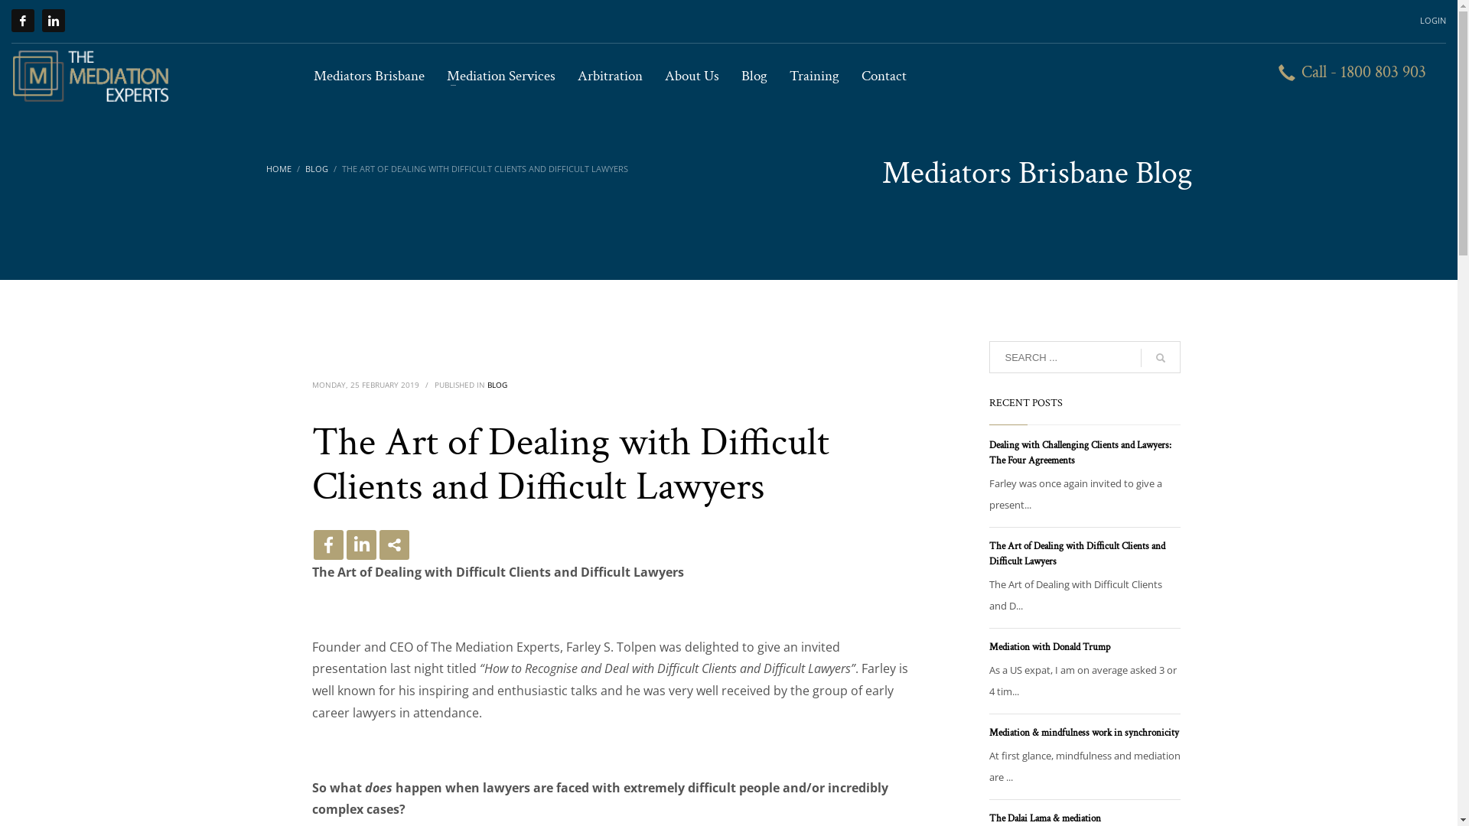  Describe the element at coordinates (91, 76) in the screenshot. I see `'Mediators Brisbane'` at that location.